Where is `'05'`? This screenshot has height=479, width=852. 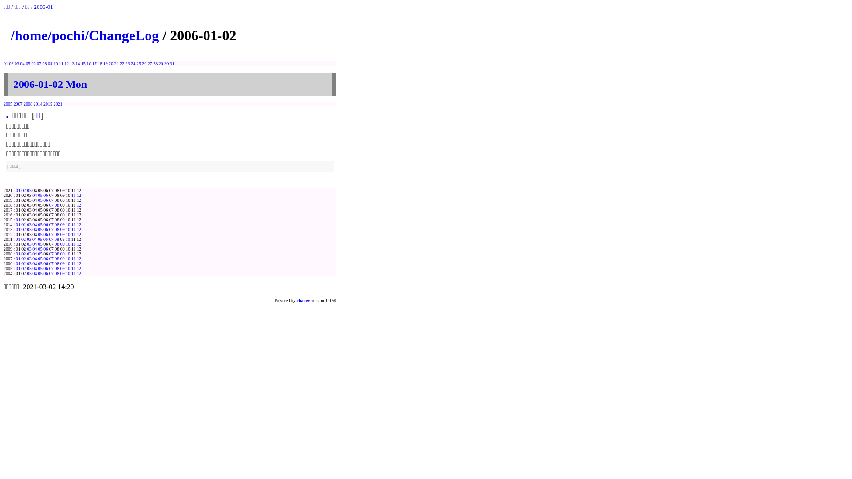 '05' is located at coordinates (38, 200).